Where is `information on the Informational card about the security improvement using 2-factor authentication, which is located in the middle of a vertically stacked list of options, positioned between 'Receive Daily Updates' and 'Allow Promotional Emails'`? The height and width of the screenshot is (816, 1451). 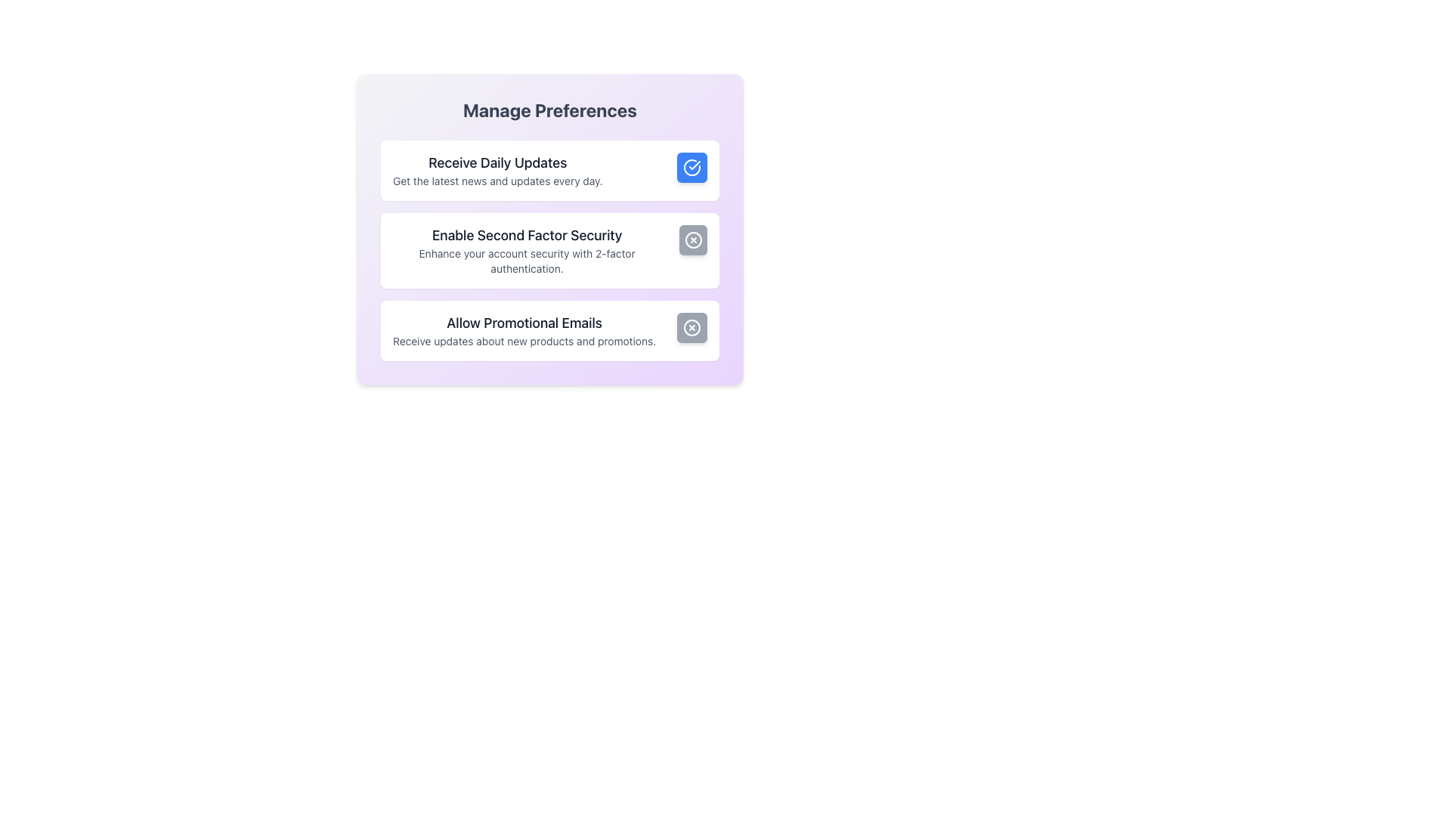 information on the Informational card about the security improvement using 2-factor authentication, which is located in the middle of a vertically stacked list of options, positioned between 'Receive Daily Updates' and 'Allow Promotional Emails' is located at coordinates (549, 249).